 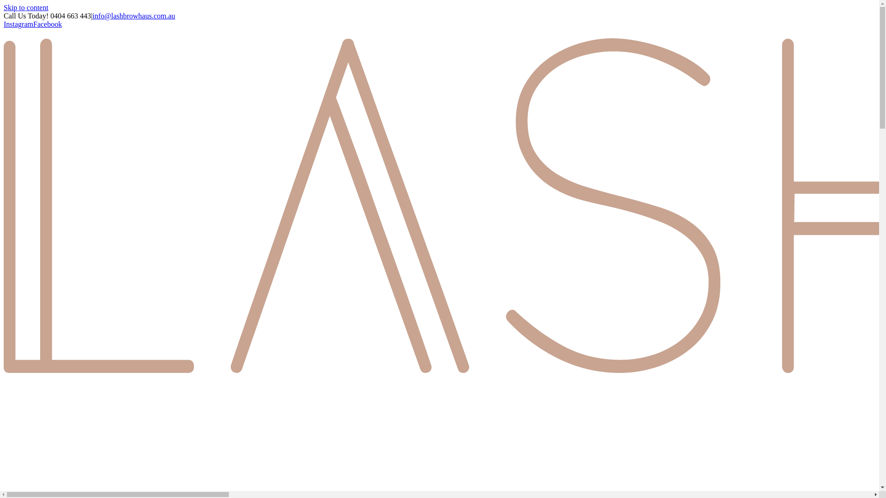 I want to click on 'Instagram', so click(x=4, y=24).